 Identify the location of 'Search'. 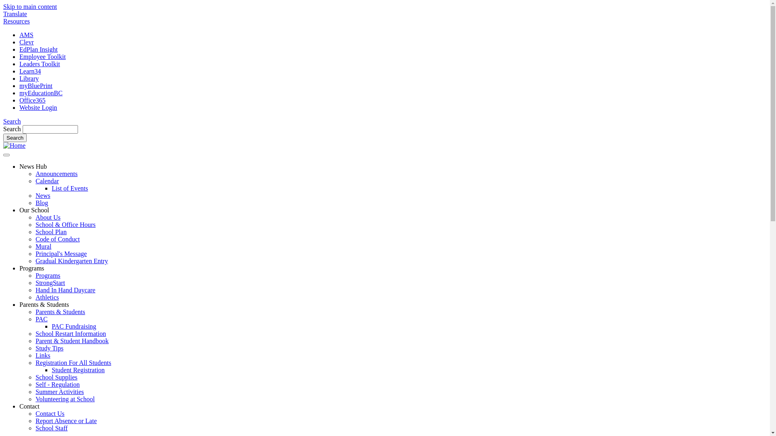
(15, 137).